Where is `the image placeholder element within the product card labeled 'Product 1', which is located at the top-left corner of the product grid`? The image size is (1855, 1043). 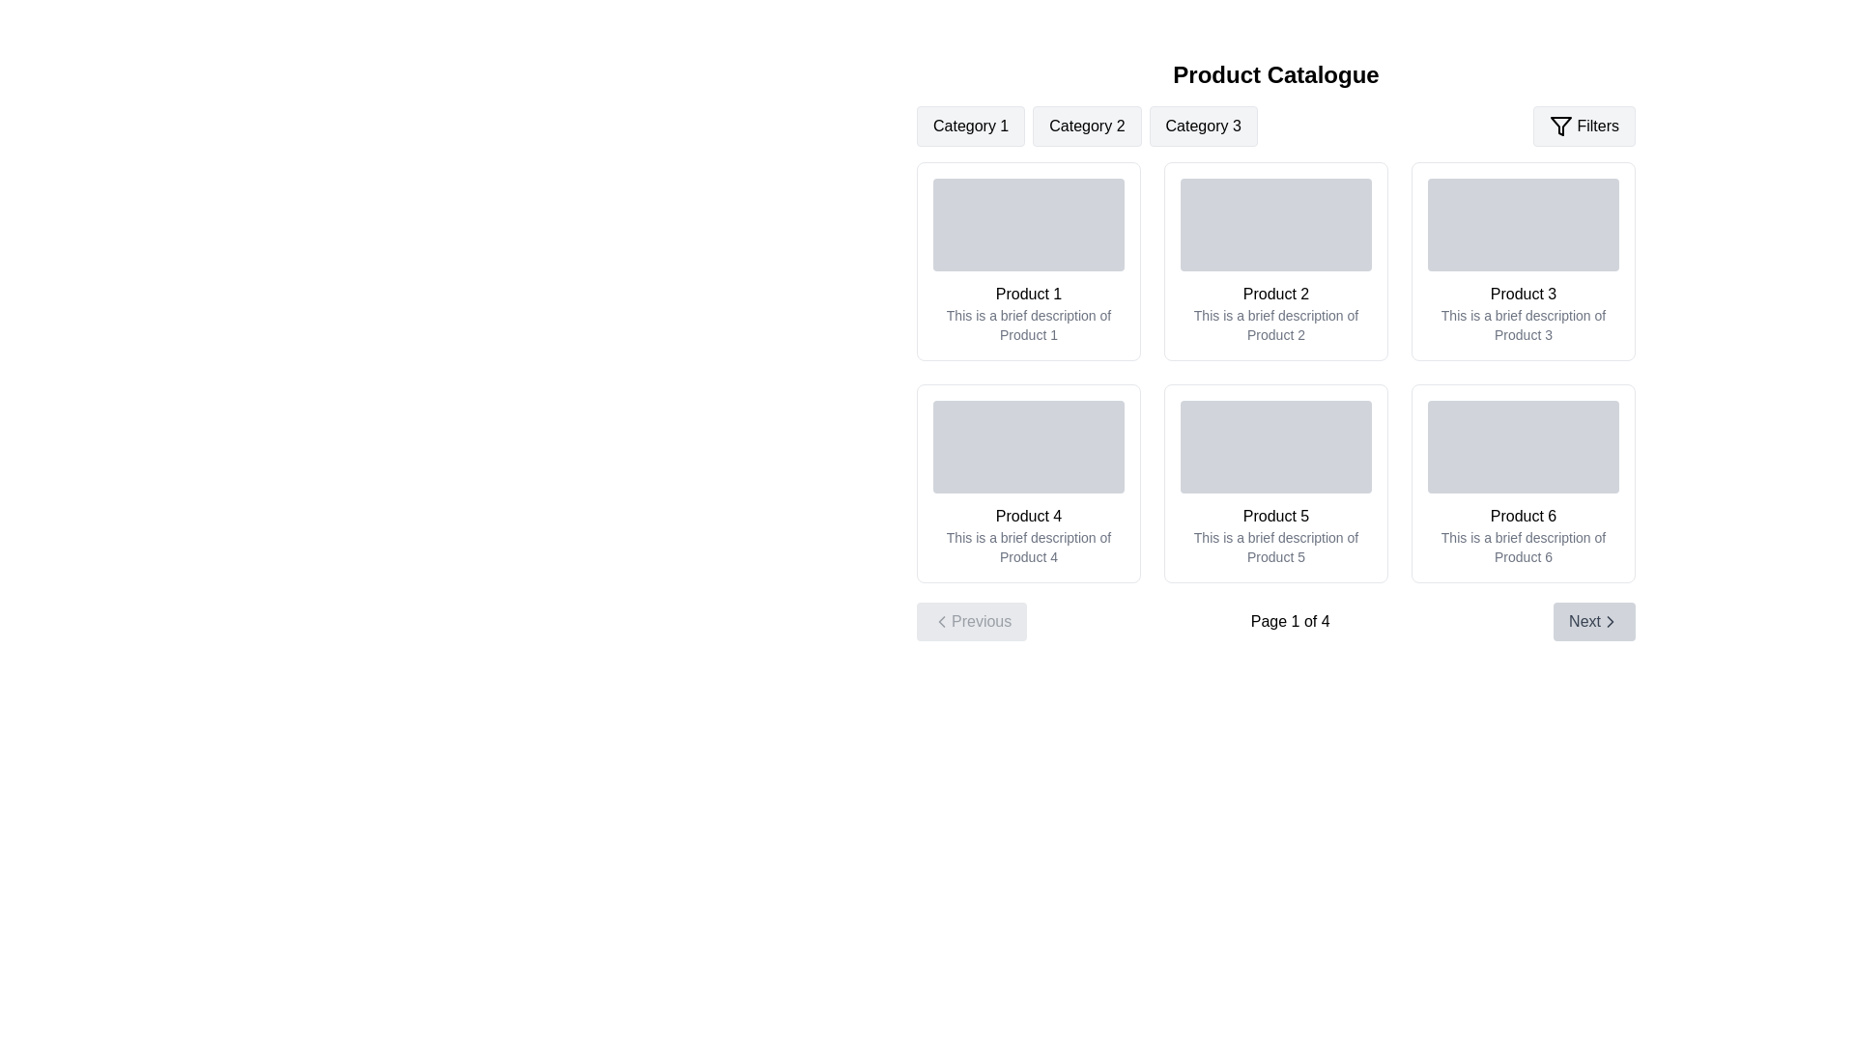 the image placeholder element within the product card labeled 'Product 1', which is located at the top-left corner of the product grid is located at coordinates (1028, 223).